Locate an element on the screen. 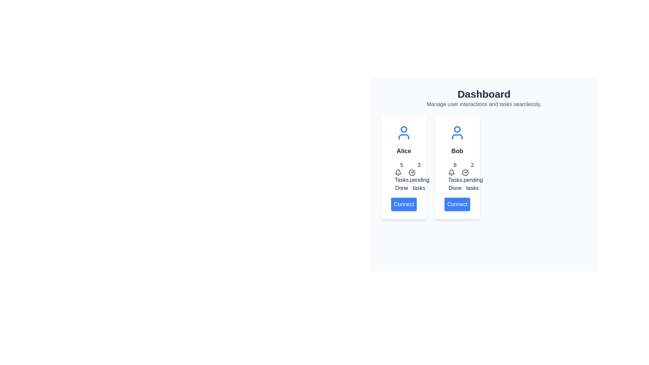 This screenshot has height=365, width=649. the black outlined bell icon located to the left of the number '8' in the '8 Tasks Done' section of the card labeled 'Bob' is located at coordinates (451, 172).